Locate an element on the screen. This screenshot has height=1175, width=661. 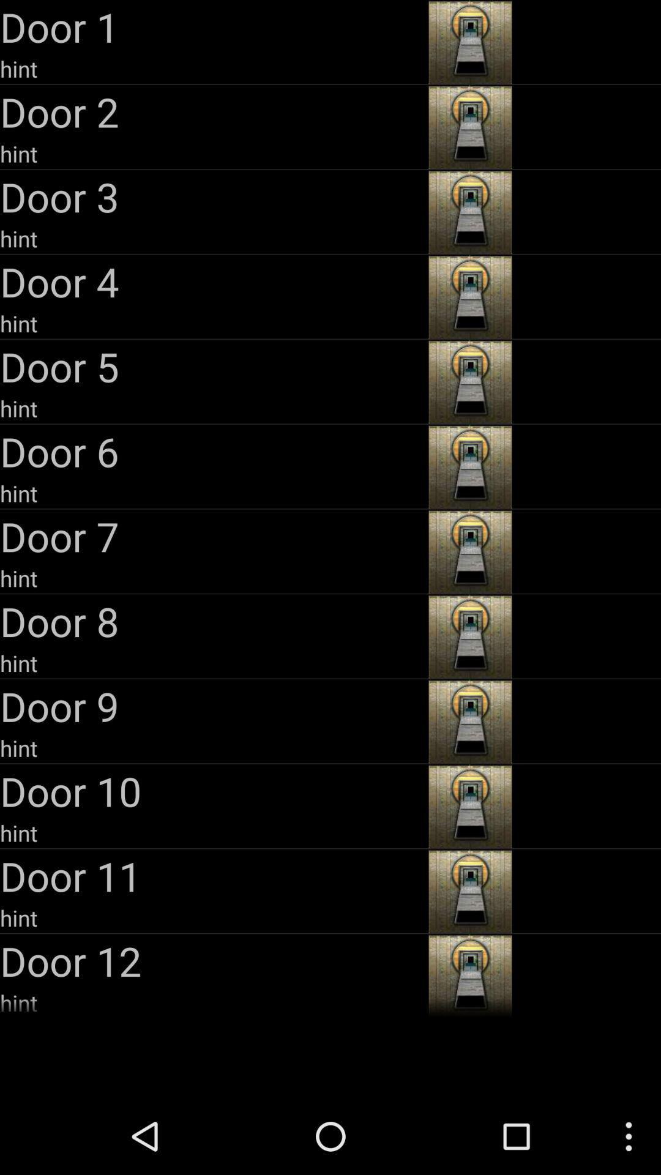
item below the hint icon is located at coordinates (212, 706).